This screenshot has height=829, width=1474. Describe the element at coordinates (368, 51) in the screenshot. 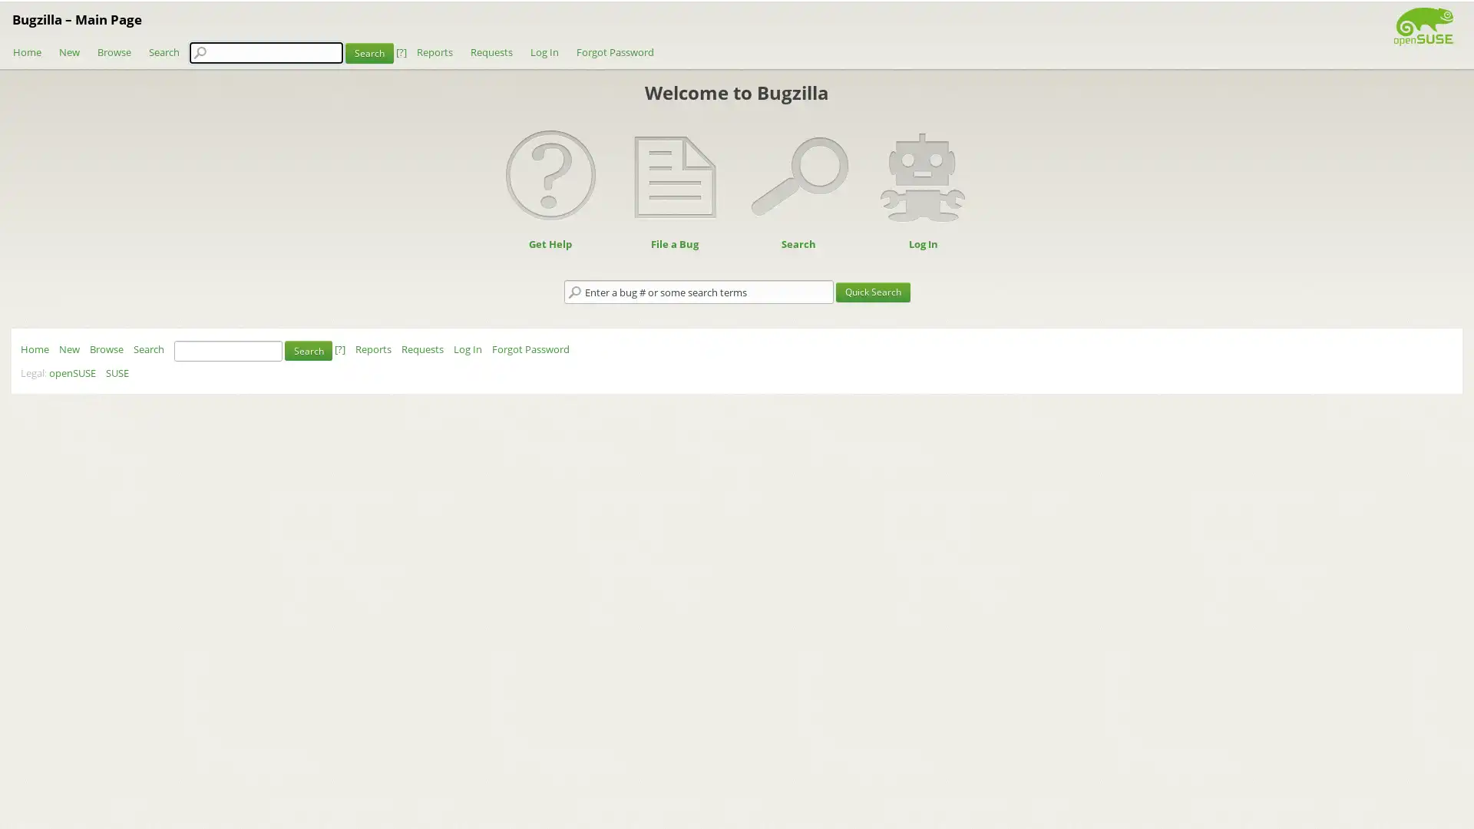

I see `Search` at that location.